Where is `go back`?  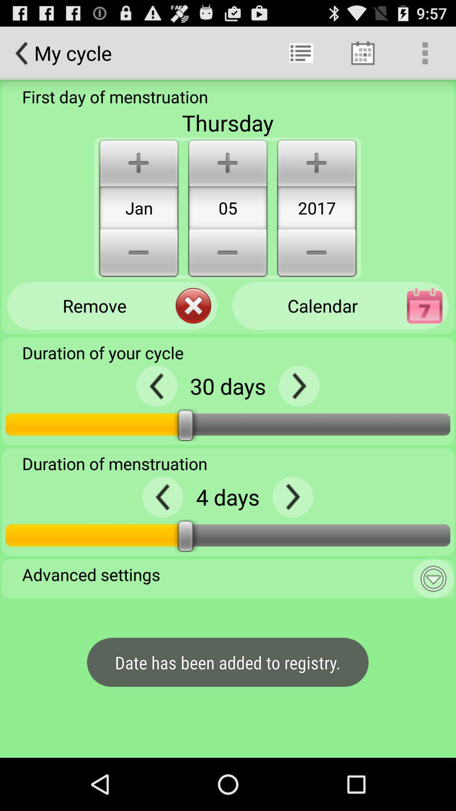
go back is located at coordinates (299, 386).